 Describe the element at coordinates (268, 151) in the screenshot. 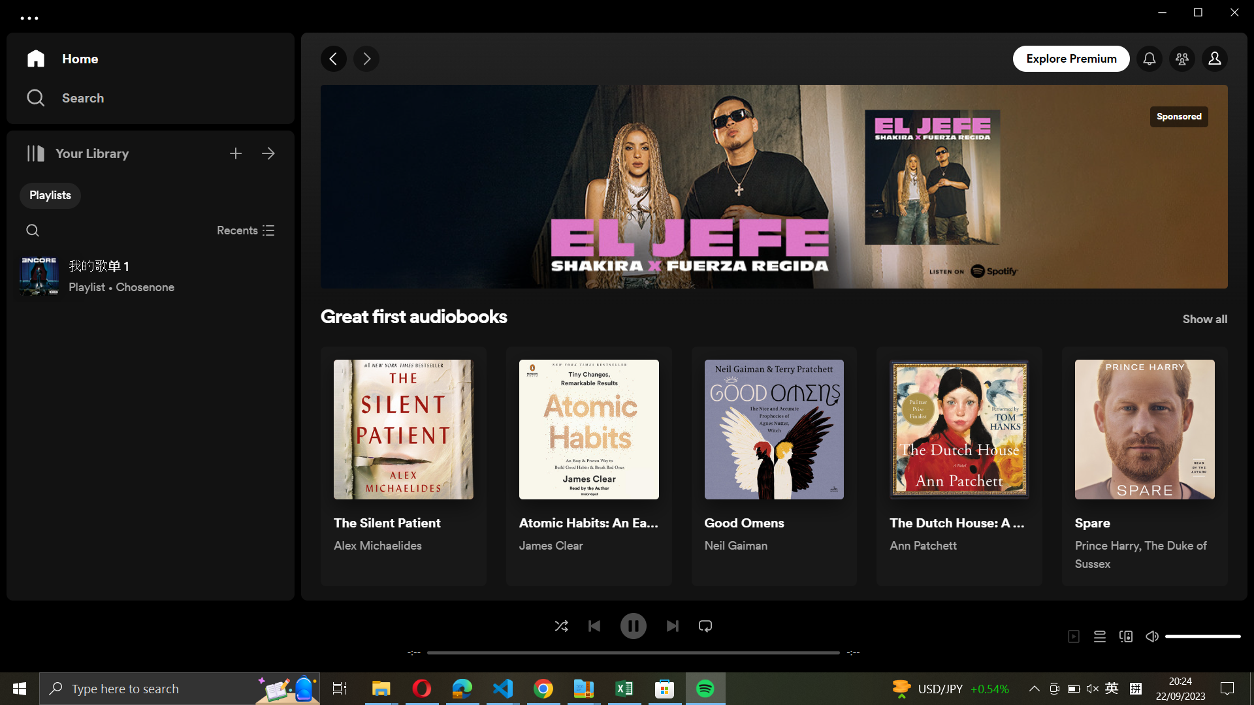

I see `my library` at that location.